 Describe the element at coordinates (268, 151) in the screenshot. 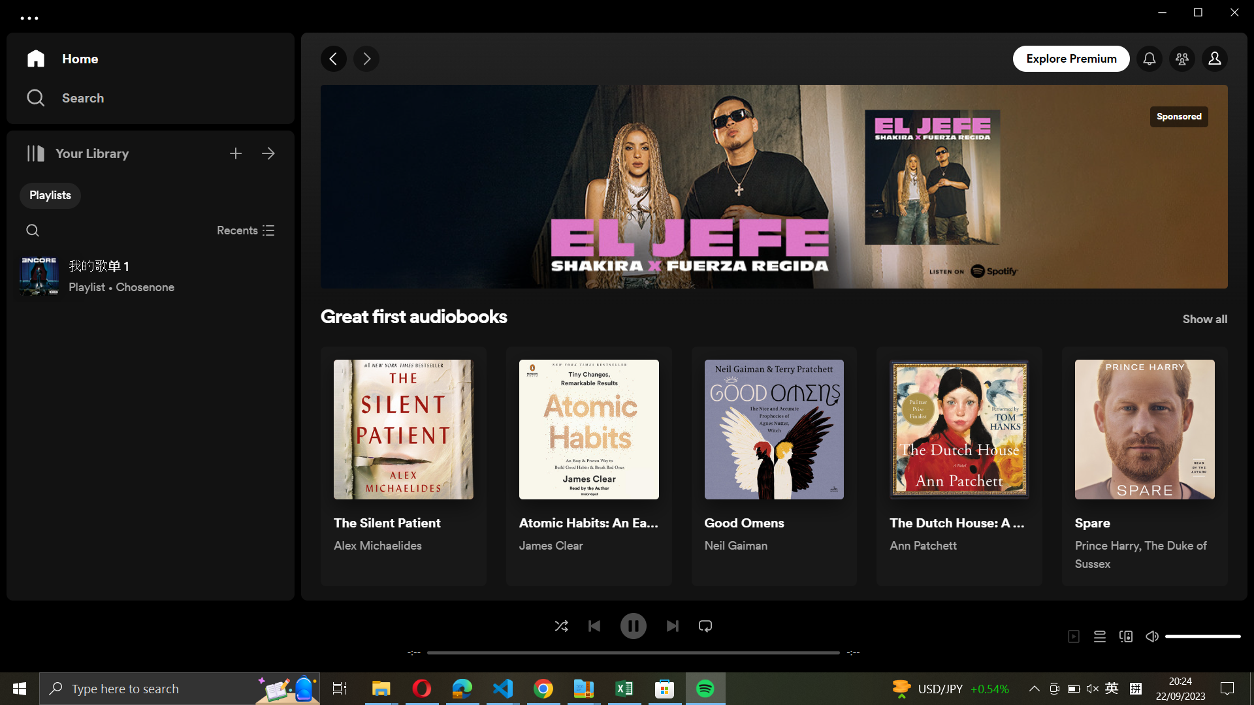

I see `my library` at that location.